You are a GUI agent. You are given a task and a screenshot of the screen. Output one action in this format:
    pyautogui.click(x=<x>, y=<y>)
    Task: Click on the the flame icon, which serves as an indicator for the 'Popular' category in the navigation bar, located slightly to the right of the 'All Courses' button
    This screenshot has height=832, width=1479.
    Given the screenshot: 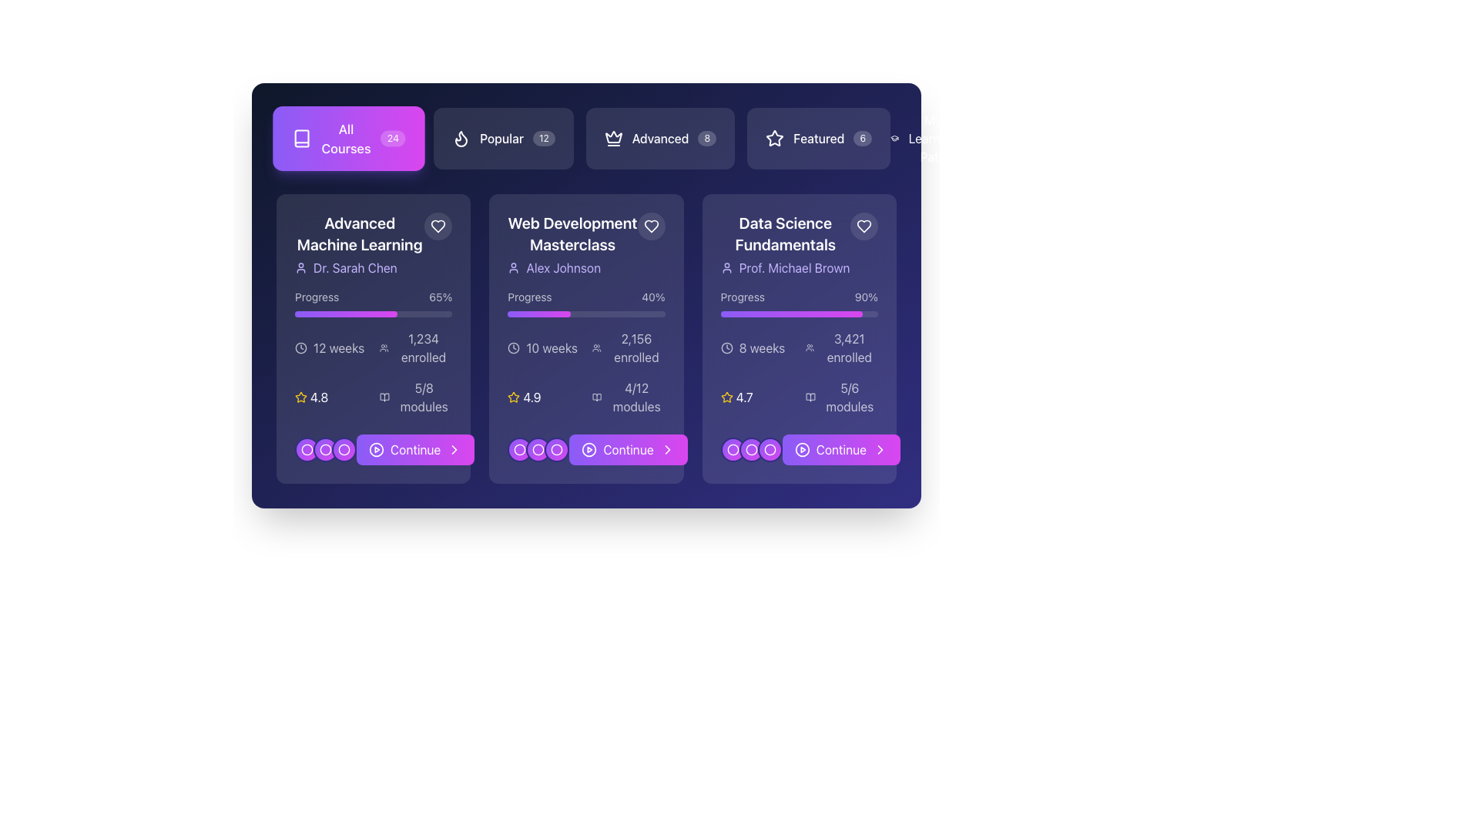 What is the action you would take?
    pyautogui.click(x=461, y=139)
    